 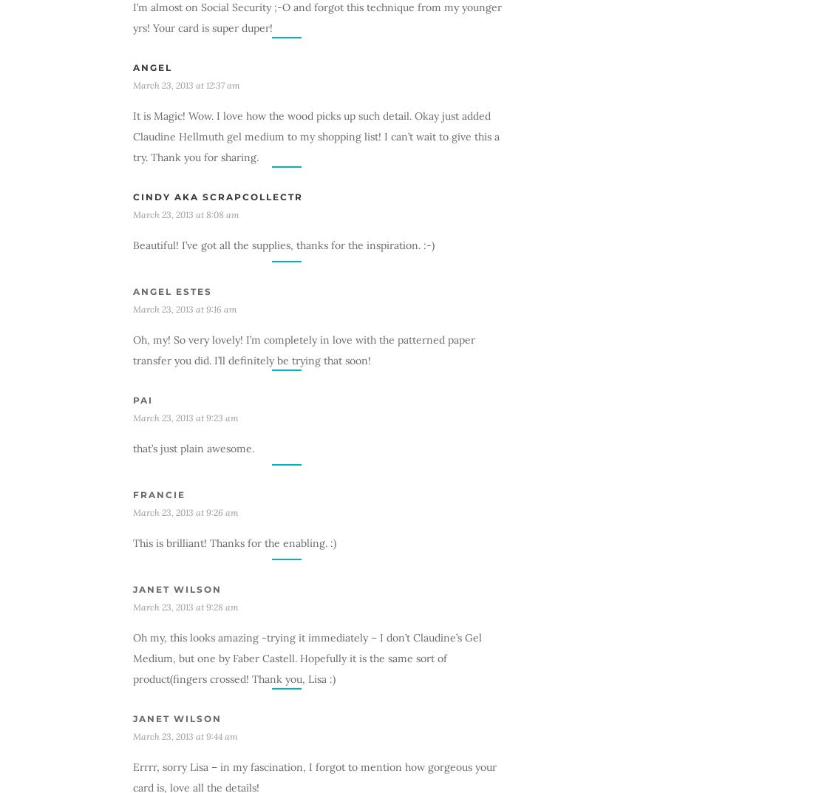 What do you see at coordinates (132, 16) in the screenshot?
I see `'I’m almost on Social Security  ;-O and forgot this technique from my younger yrs! Your card is super duper!'` at bounding box center [132, 16].